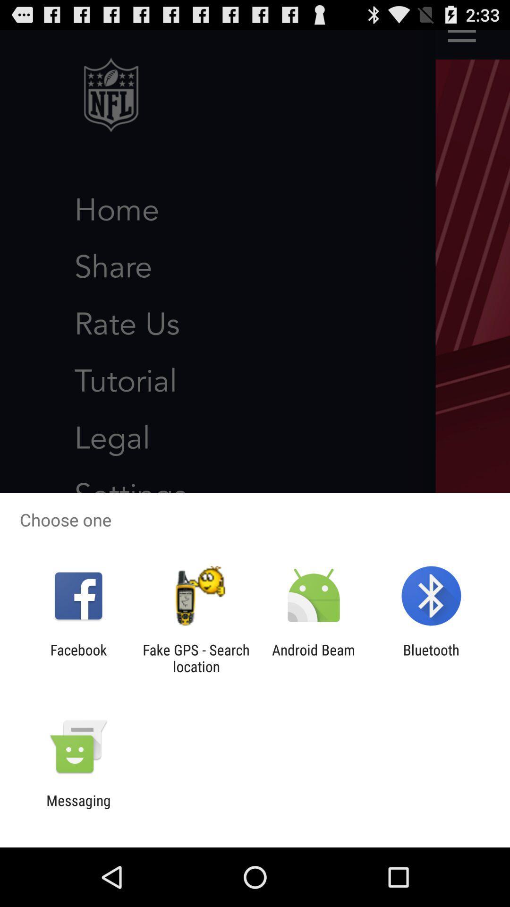 The height and width of the screenshot is (907, 510). Describe the element at coordinates (431, 658) in the screenshot. I see `the icon to the right of android beam icon` at that location.